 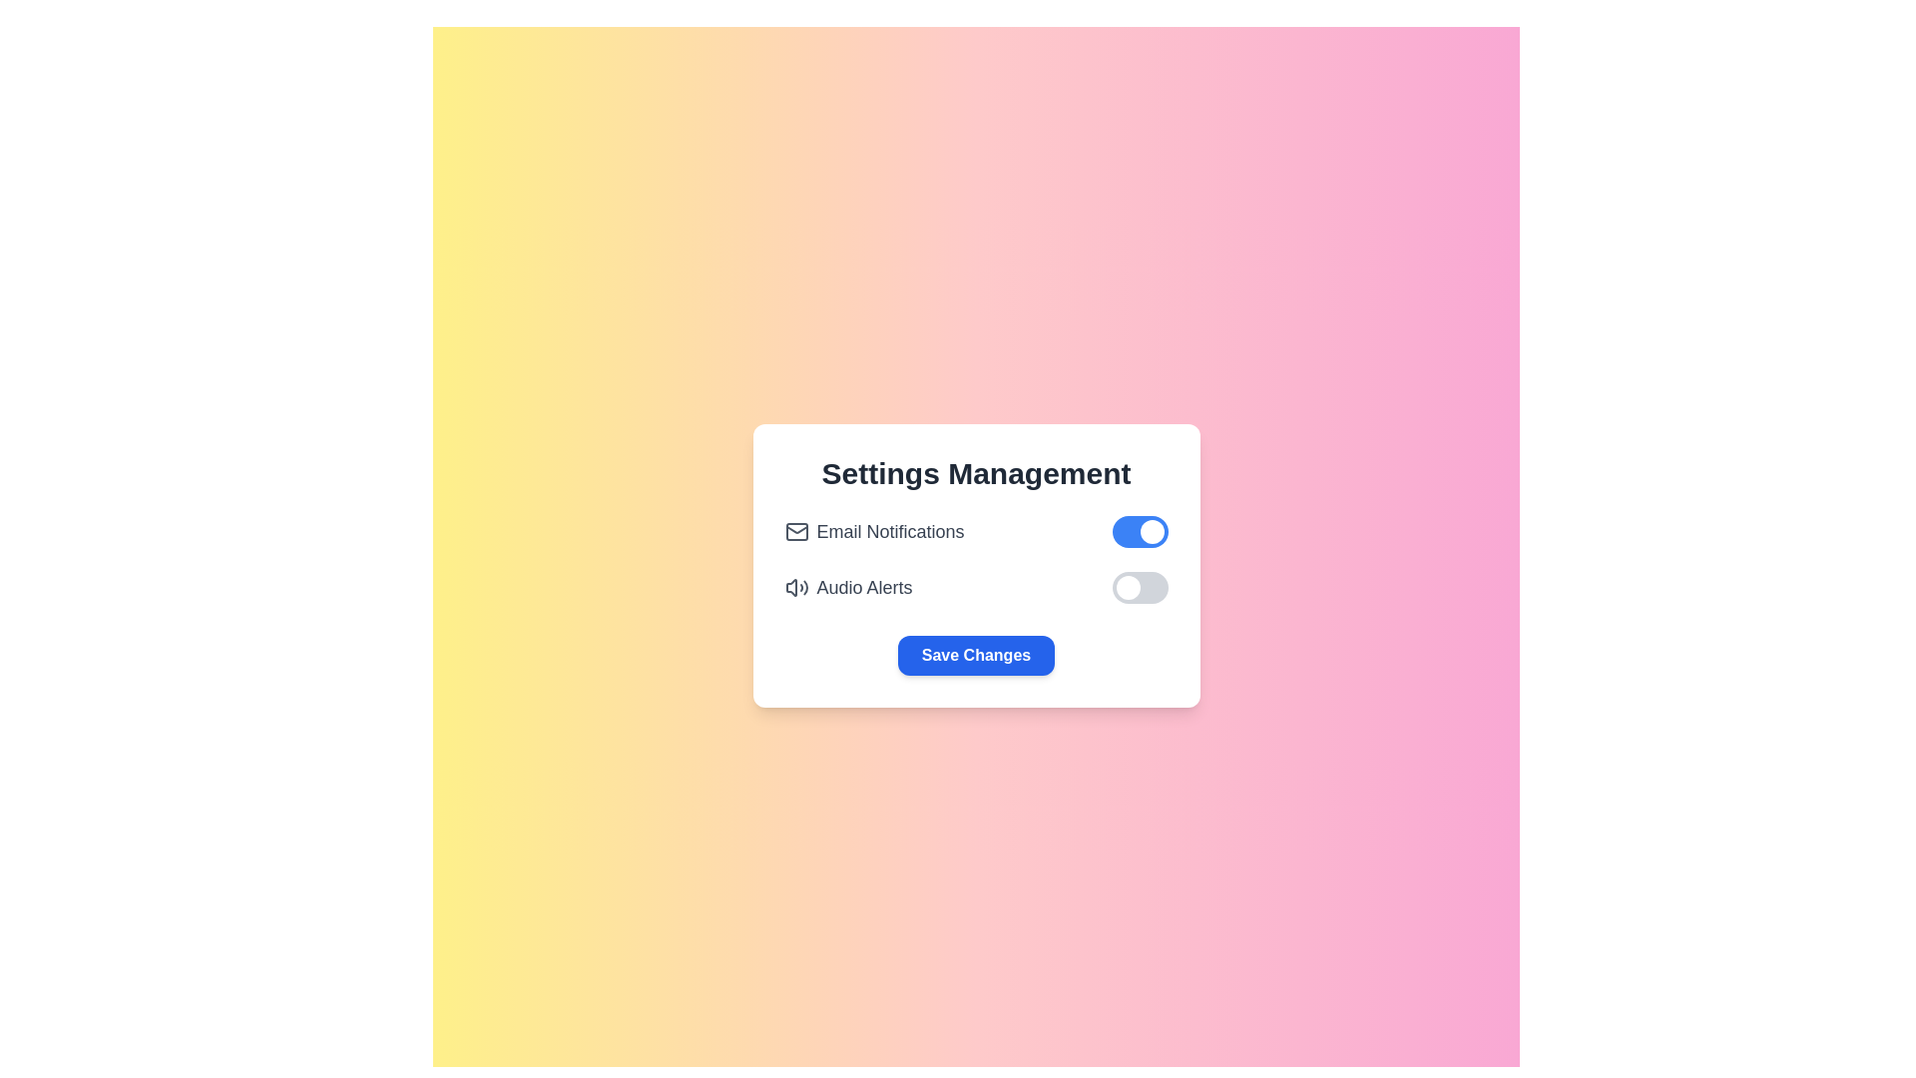 I want to click on the graphic element inside the mail envelope icon representing 'Email Notifications', located at the leftmost position in the row, so click(x=795, y=530).